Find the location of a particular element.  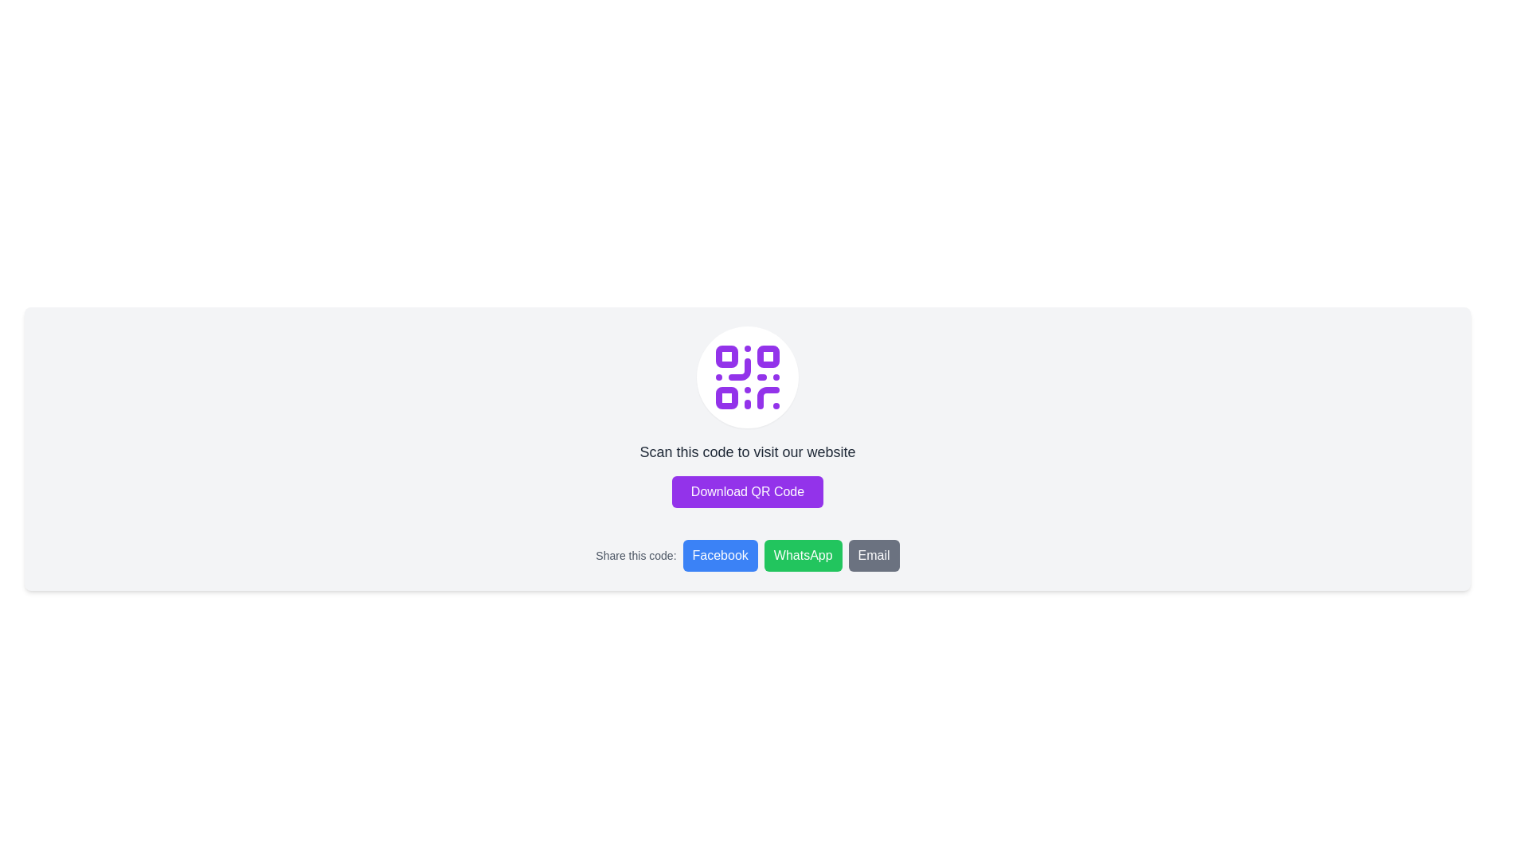

the WhatsApp share button, which is the second button from the left in a row of three buttons labeled 'Facebook', 'WhatsApp', and 'Email', located beneath the 'Share this code:' text is located at coordinates (803, 555).